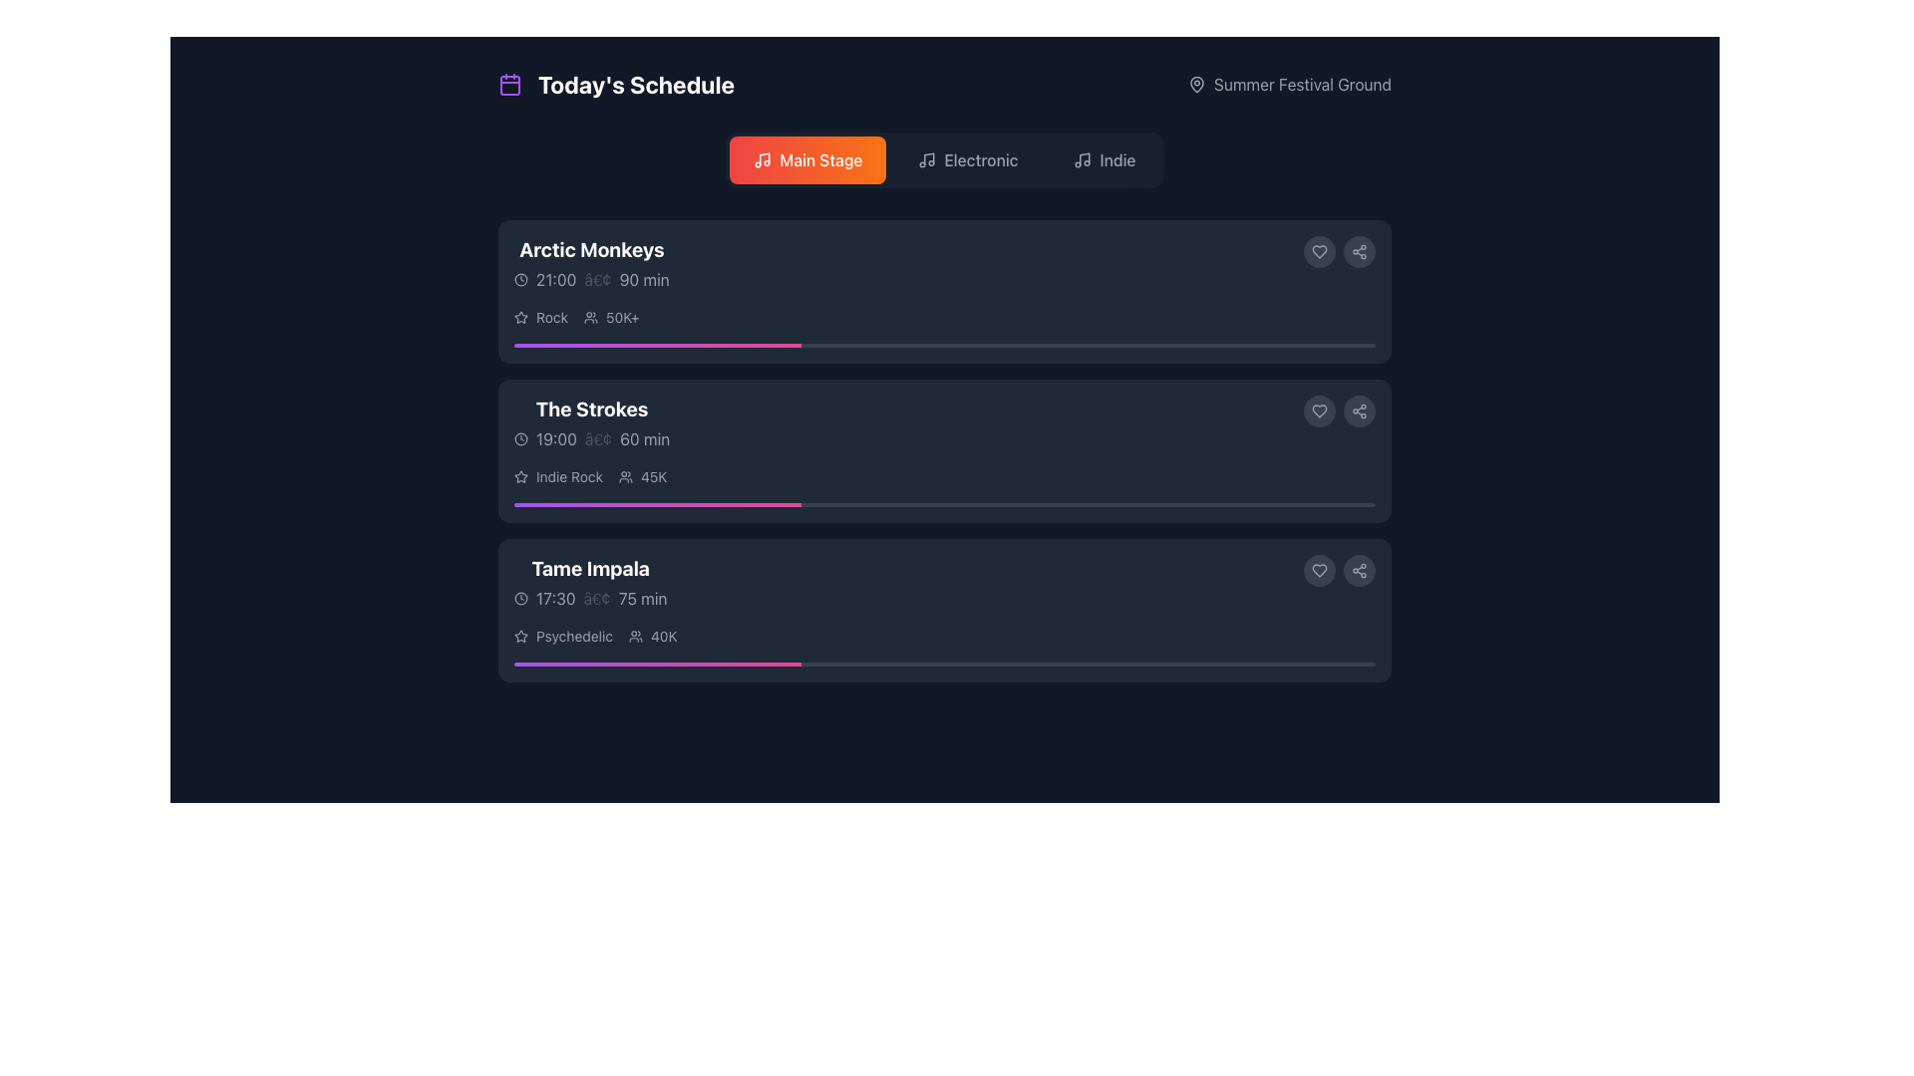 The image size is (1914, 1076). I want to click on the share icon located in the bottom-right corner of the 'Tame Impala' information card, so click(1358, 571).